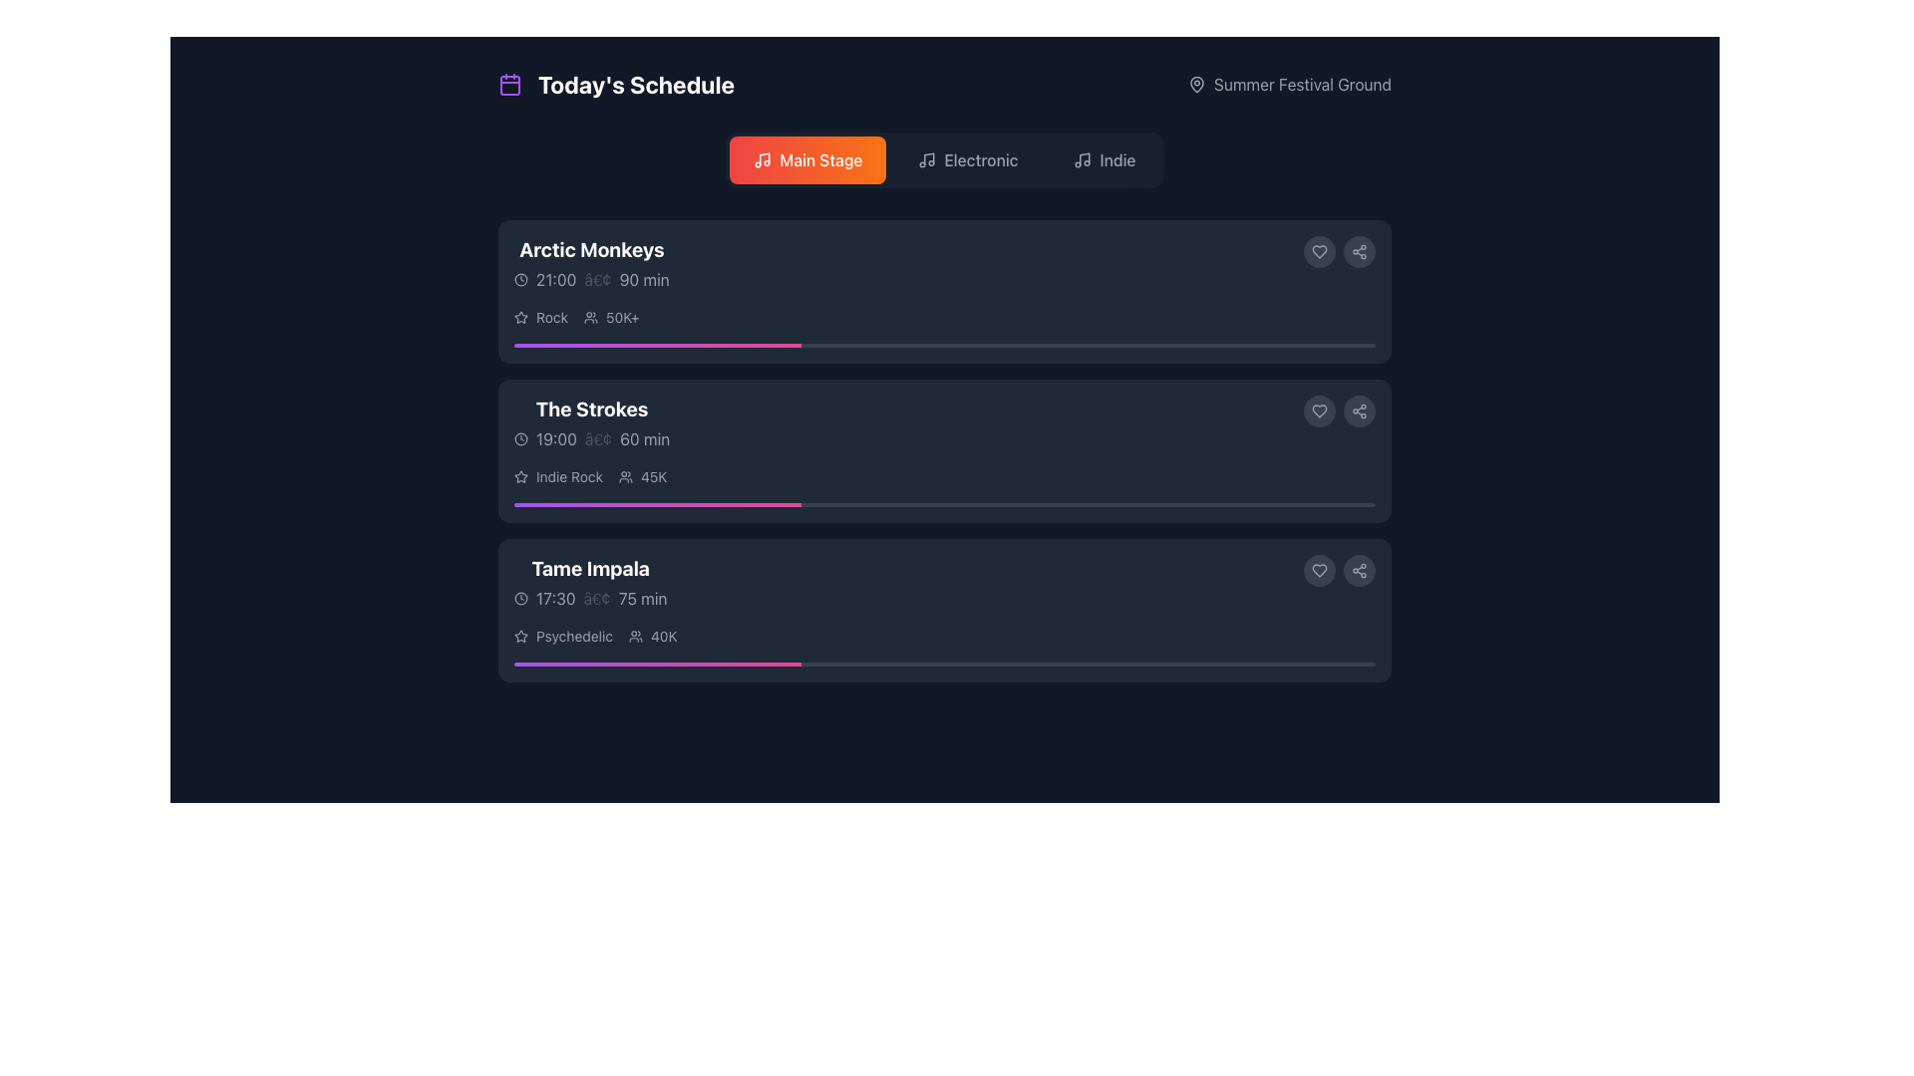 The image size is (1914, 1076). I want to click on the share icon located in the bottom-right corner of the 'Tame Impala' information card, so click(1358, 571).